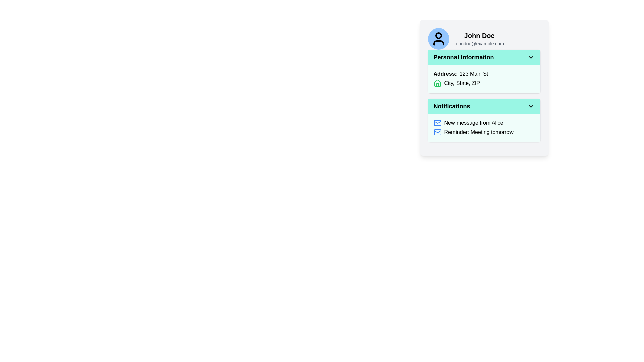 Image resolution: width=644 pixels, height=362 pixels. What do you see at coordinates (437, 132) in the screenshot?
I see `the envelope icon with a blue outline located in the 'Notifications' section, positioned to the left of the text 'Reminder: Meeting tomorrow.'` at bounding box center [437, 132].